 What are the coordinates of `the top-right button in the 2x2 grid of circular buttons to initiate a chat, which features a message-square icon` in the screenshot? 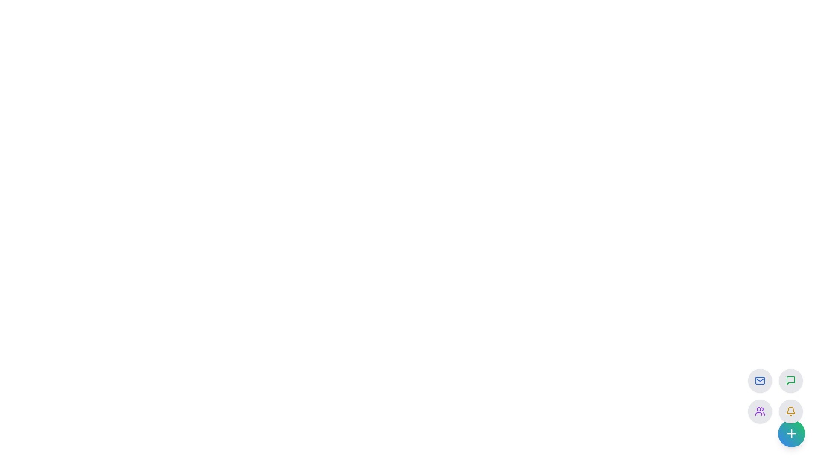 It's located at (790, 380).